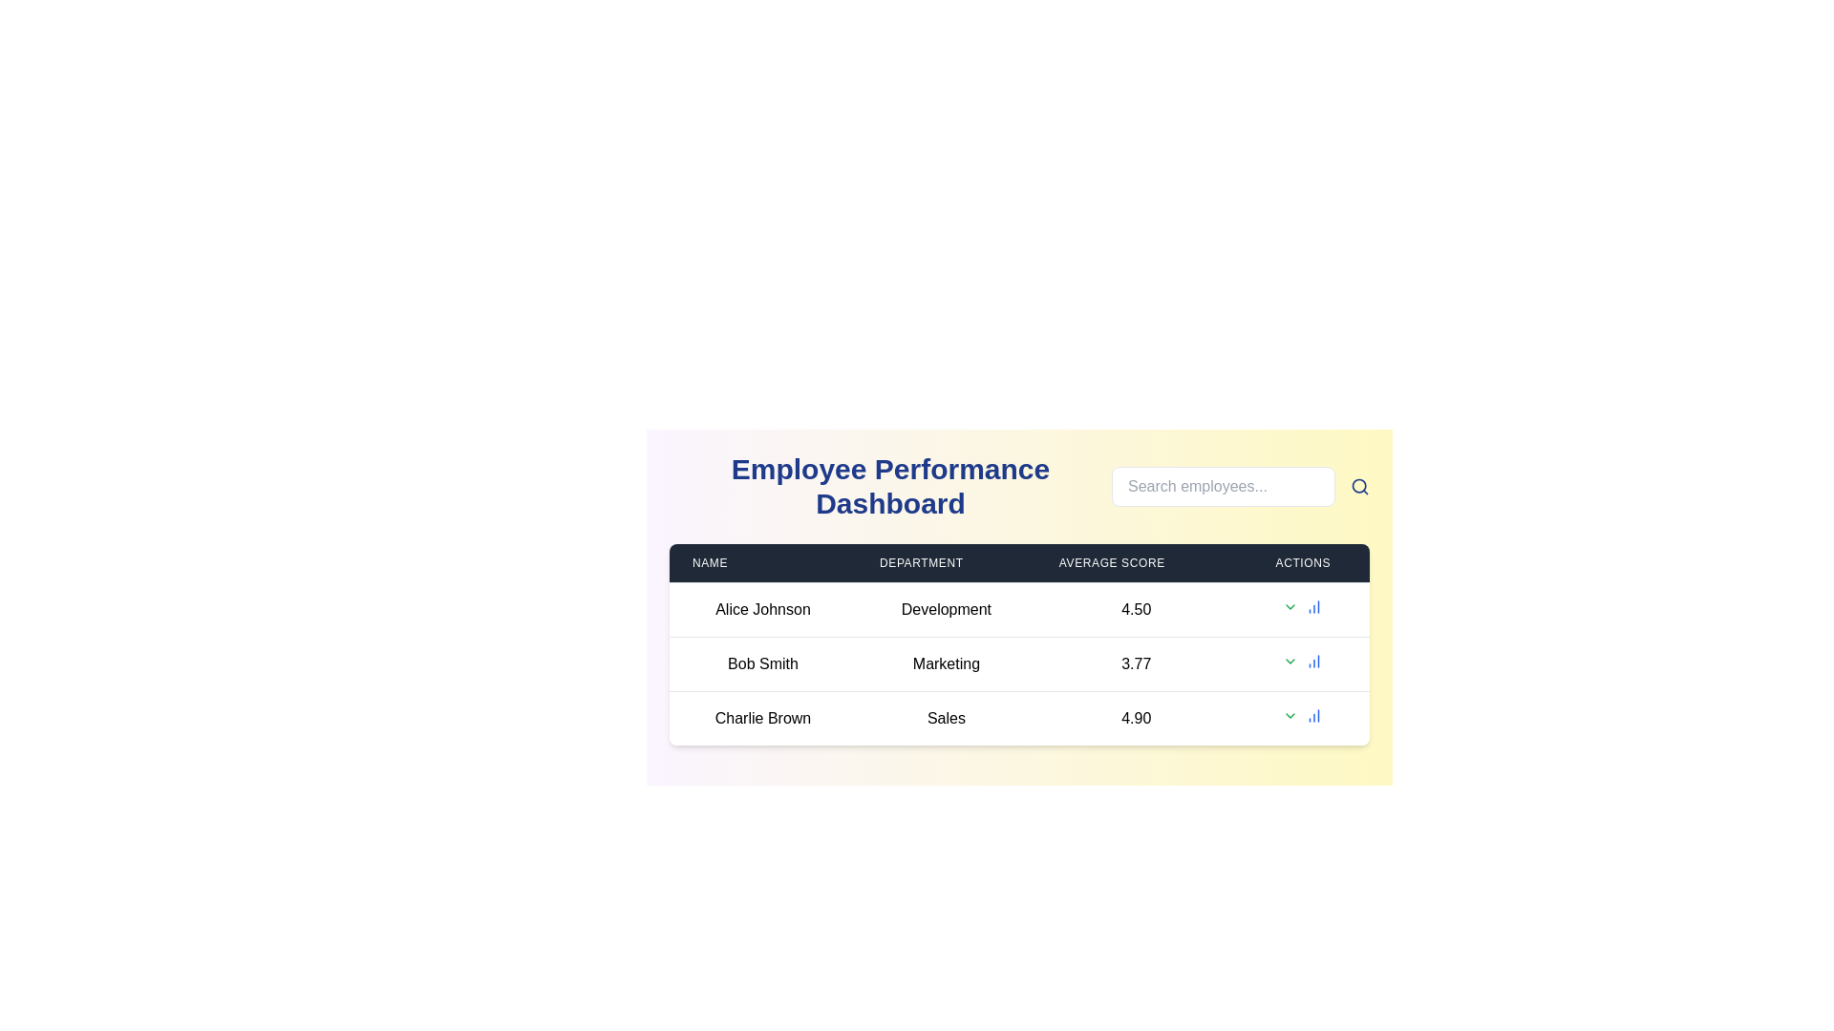 Image resolution: width=1834 pixels, height=1031 pixels. I want to click on the blue bar chart icon in the employee performance table under the 'Actions' header to trigger the hover effect, so click(1313, 715).